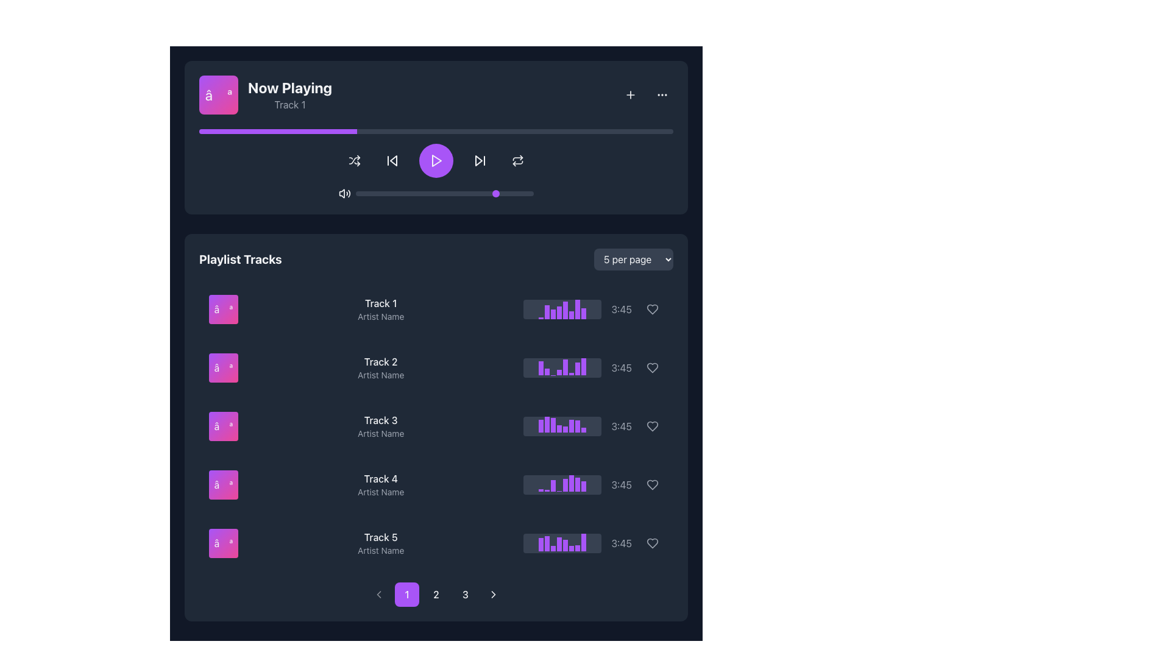 This screenshot has height=658, width=1170. What do you see at coordinates (565, 484) in the screenshot?
I see `the fifth vertical purple graphical bar in the 'Play' section for Track 4 in the Playlist Tracks` at bounding box center [565, 484].